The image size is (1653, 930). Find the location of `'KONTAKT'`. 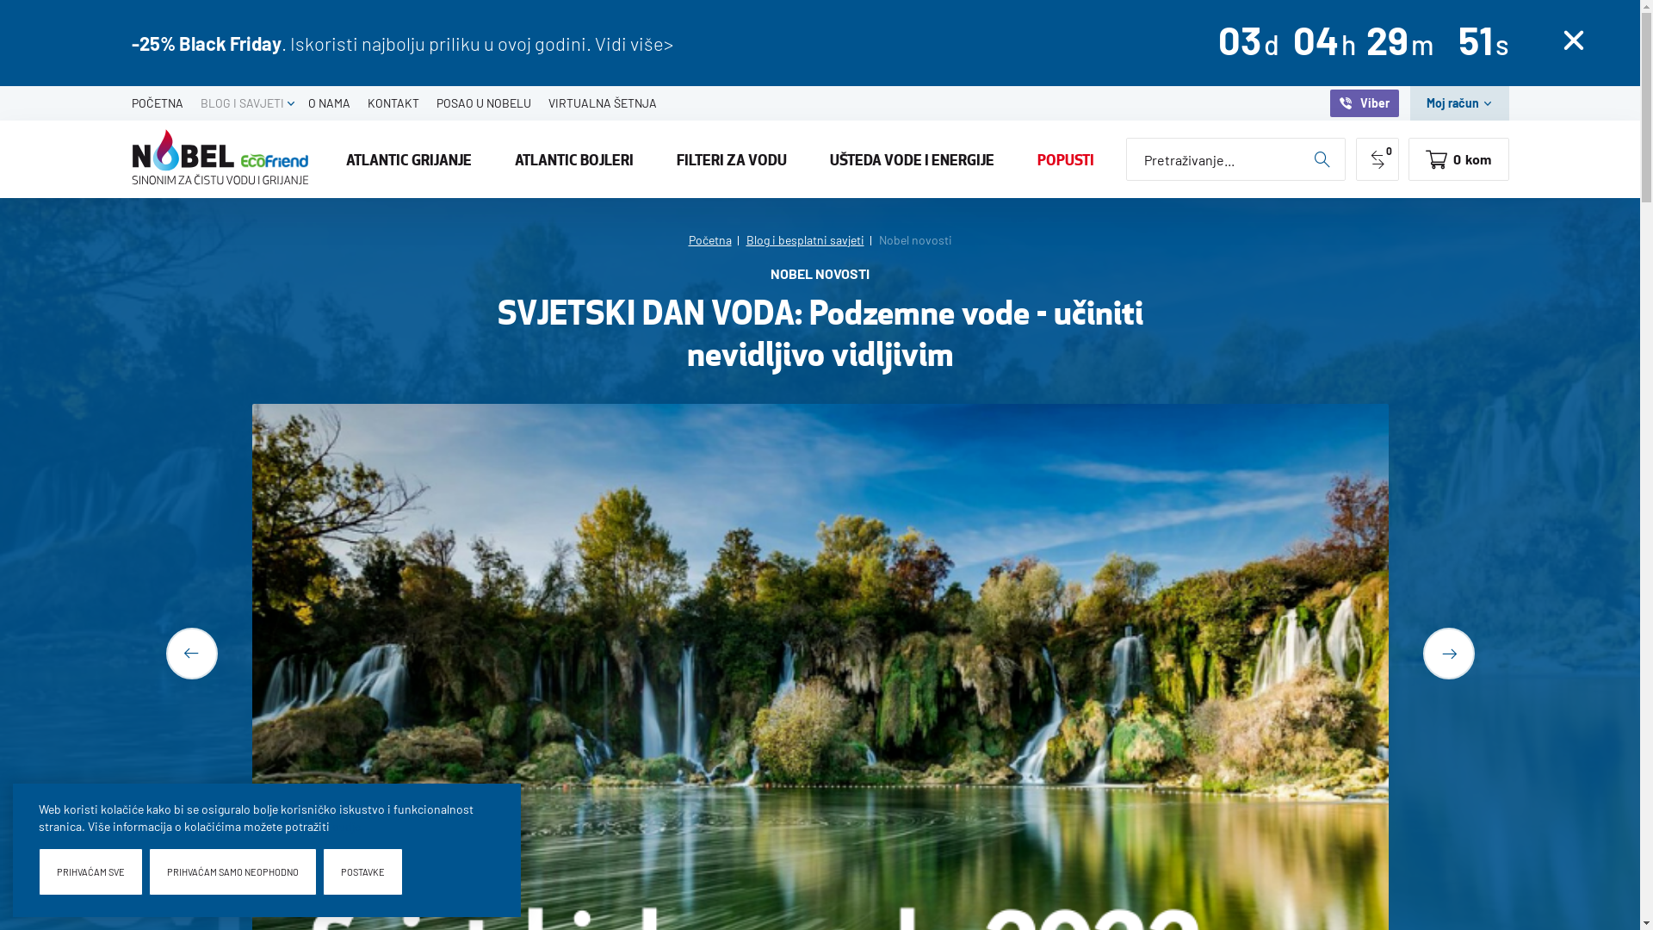

'KONTAKT' is located at coordinates (357, 102).